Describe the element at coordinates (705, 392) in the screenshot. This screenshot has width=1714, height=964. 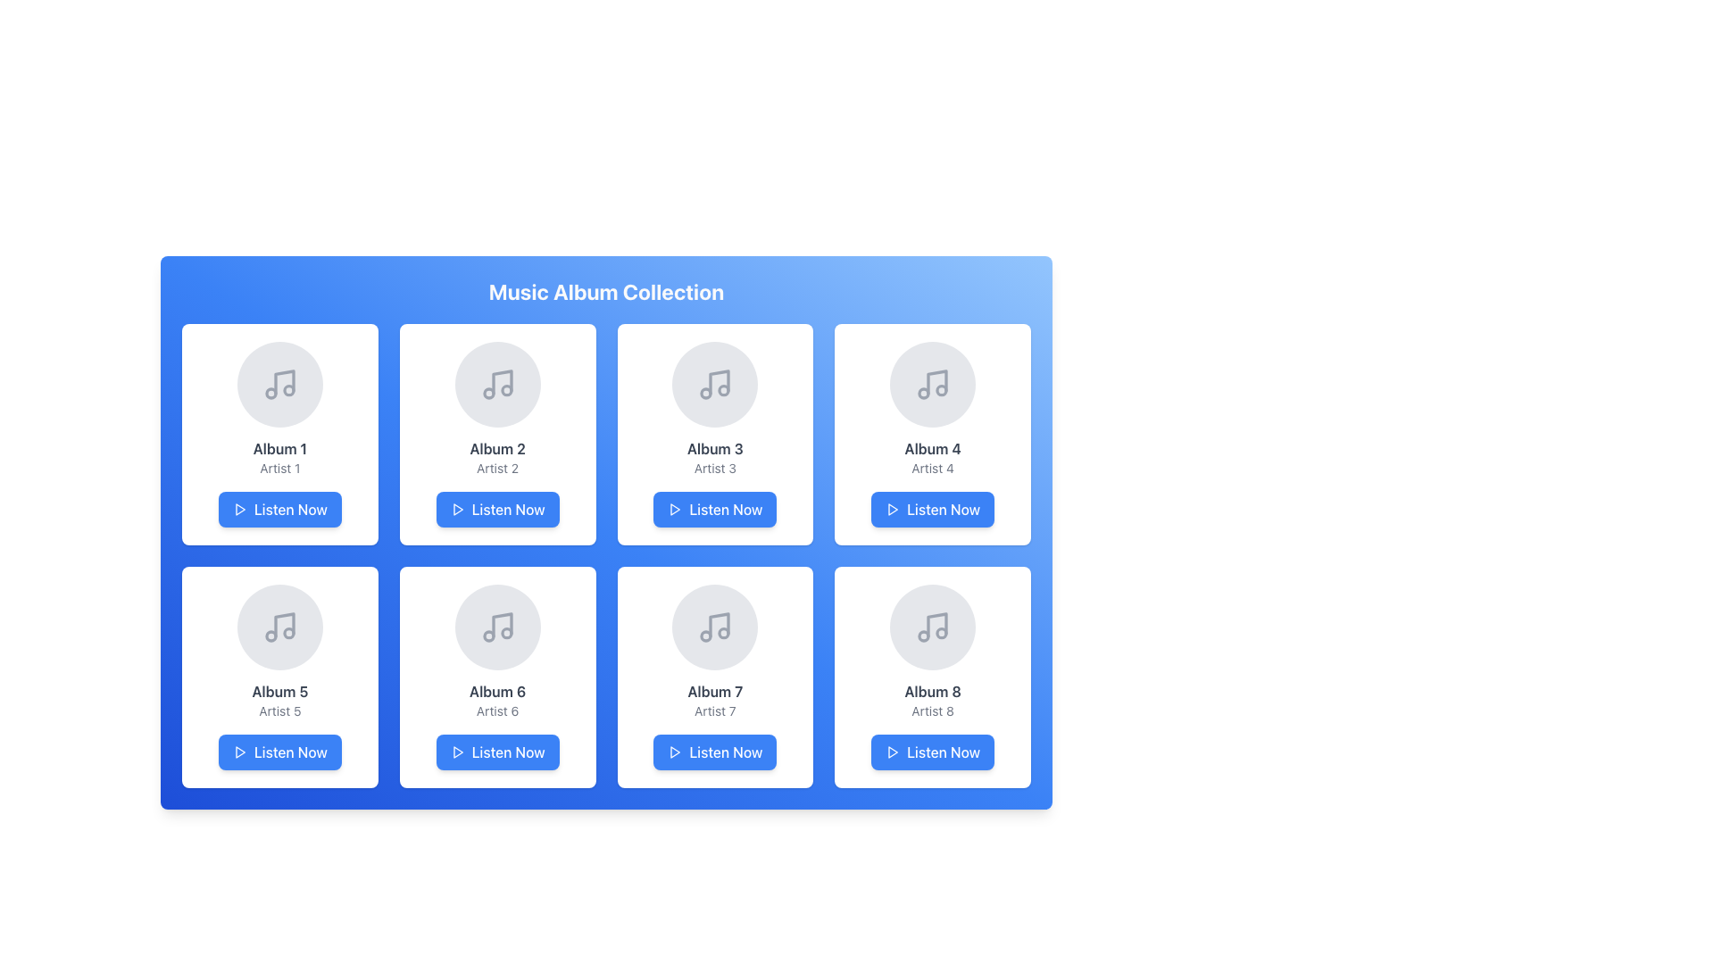
I see `the small circular SVG element that is part of the music icon for 'Album 3', which is located in the top row of the album collection grid` at that location.